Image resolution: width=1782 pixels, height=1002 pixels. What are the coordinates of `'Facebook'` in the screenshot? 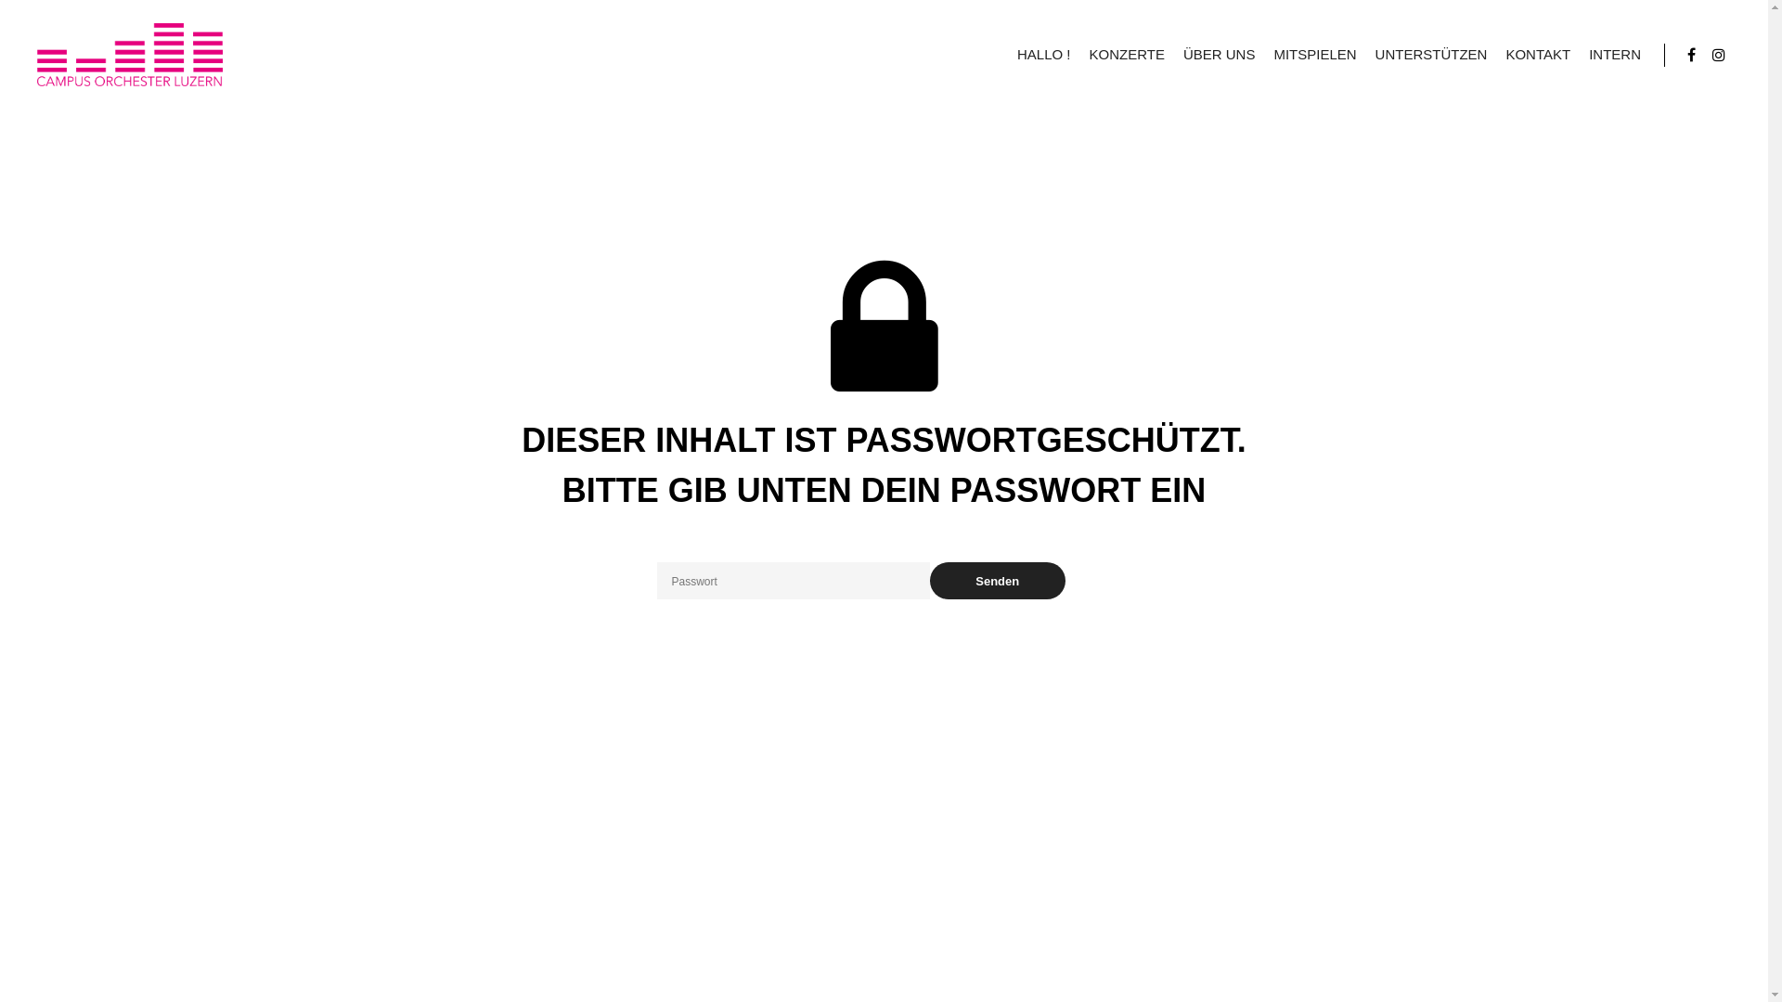 It's located at (1679, 53).